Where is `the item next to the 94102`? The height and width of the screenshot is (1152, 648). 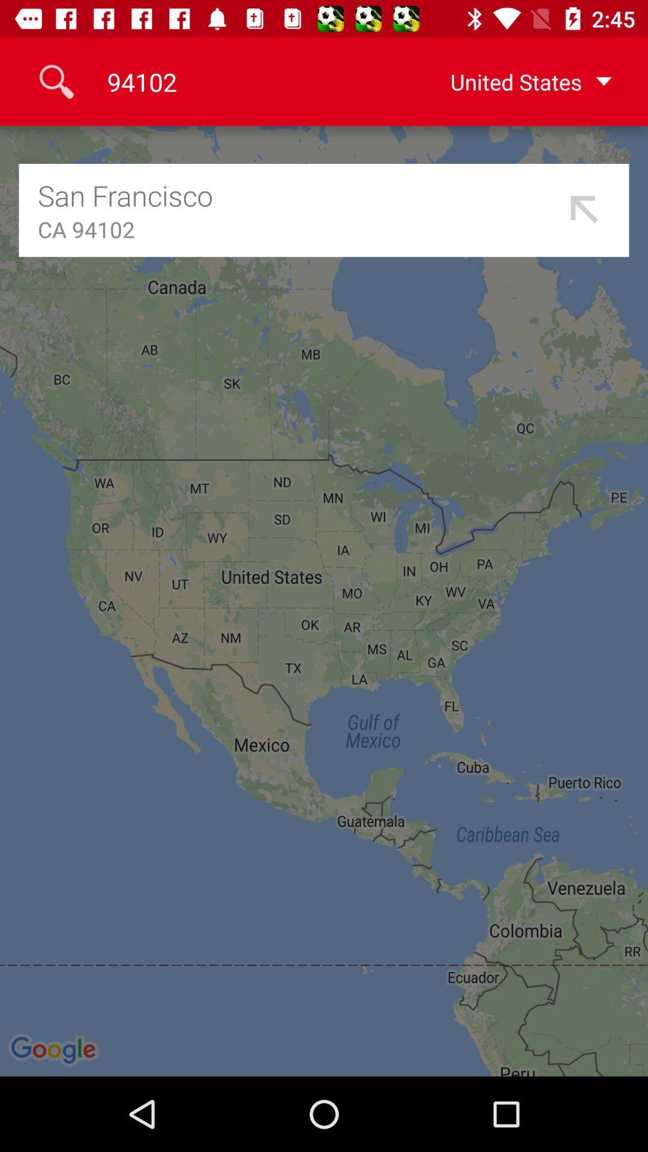 the item next to the 94102 is located at coordinates (512, 81).